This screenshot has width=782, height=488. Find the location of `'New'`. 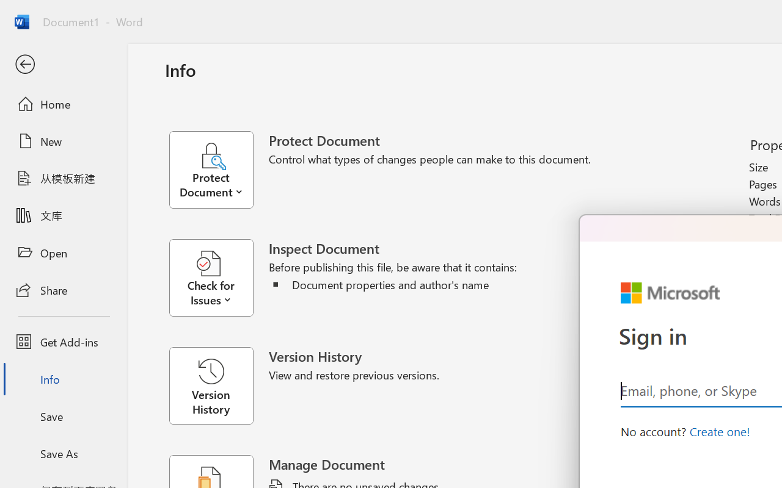

'New' is located at coordinates (63, 141).